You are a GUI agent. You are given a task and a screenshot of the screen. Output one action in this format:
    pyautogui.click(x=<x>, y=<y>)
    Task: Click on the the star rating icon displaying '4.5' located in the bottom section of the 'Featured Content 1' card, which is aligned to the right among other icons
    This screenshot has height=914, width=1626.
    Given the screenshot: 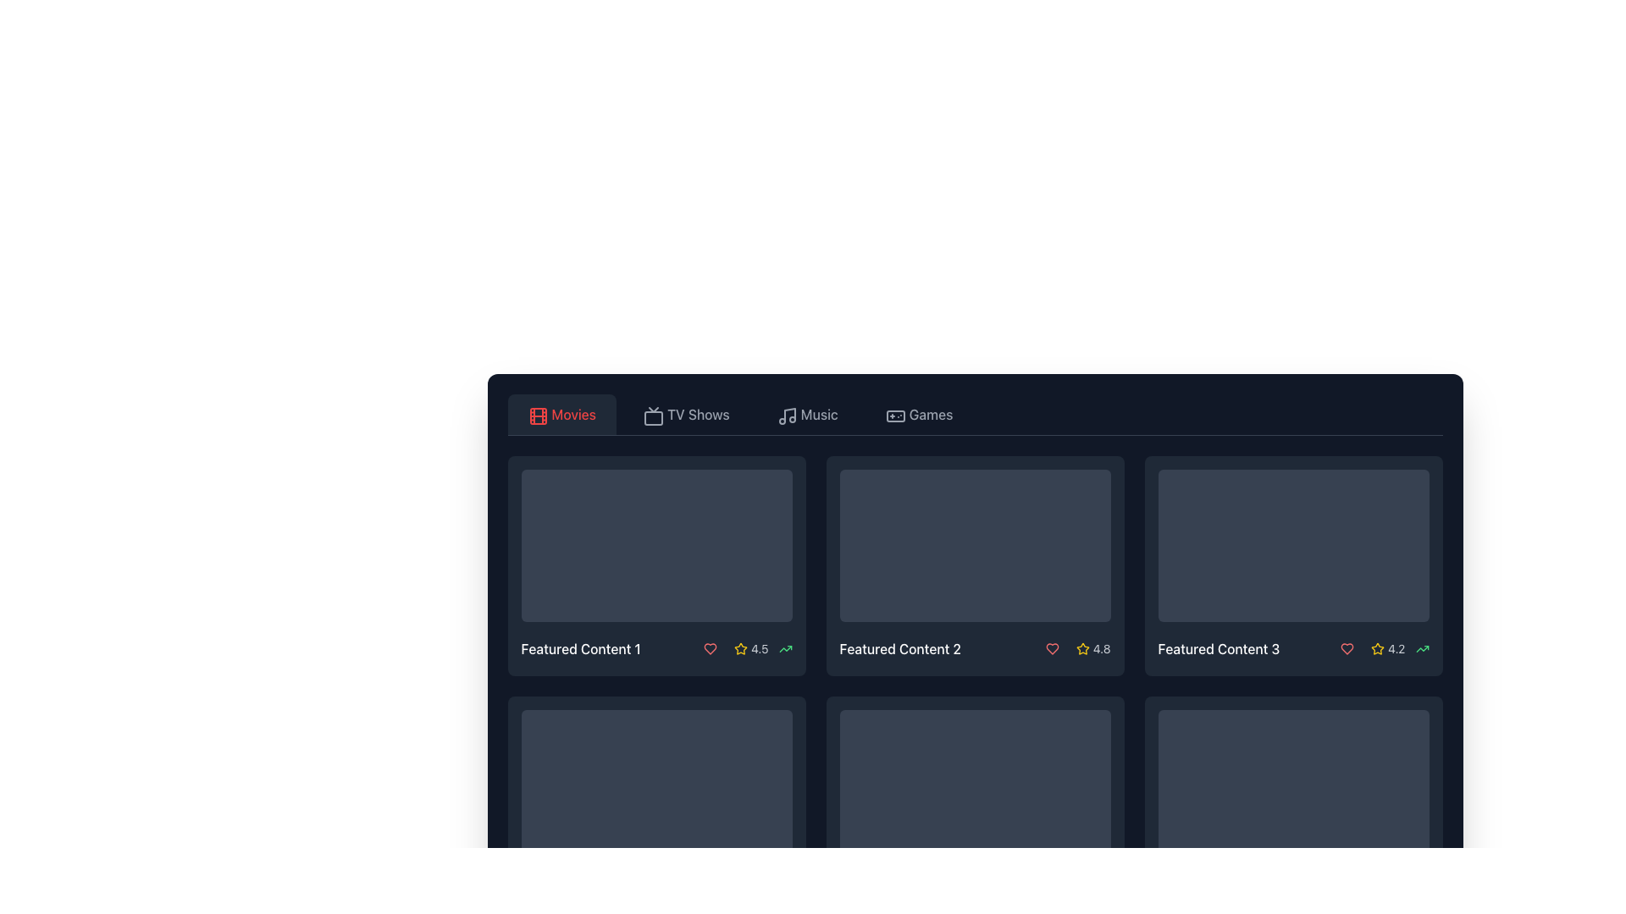 What is the action you would take?
    pyautogui.click(x=750, y=648)
    